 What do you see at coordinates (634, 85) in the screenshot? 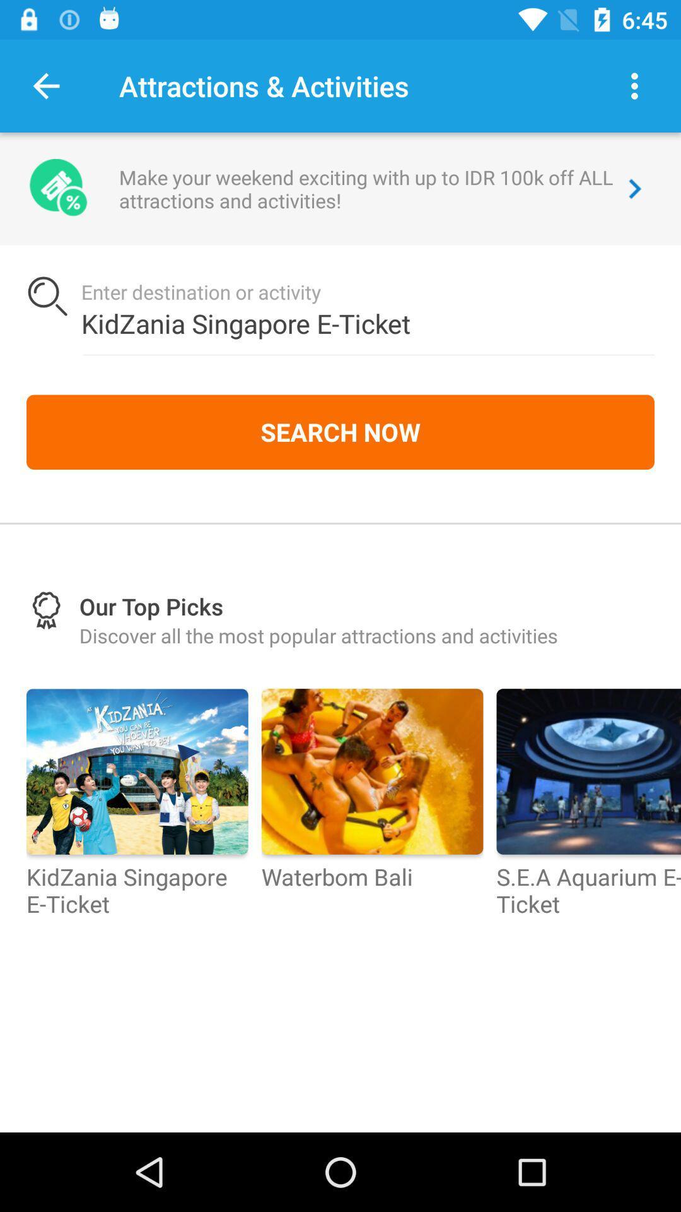
I see `icon next to attractions & activities item` at bounding box center [634, 85].